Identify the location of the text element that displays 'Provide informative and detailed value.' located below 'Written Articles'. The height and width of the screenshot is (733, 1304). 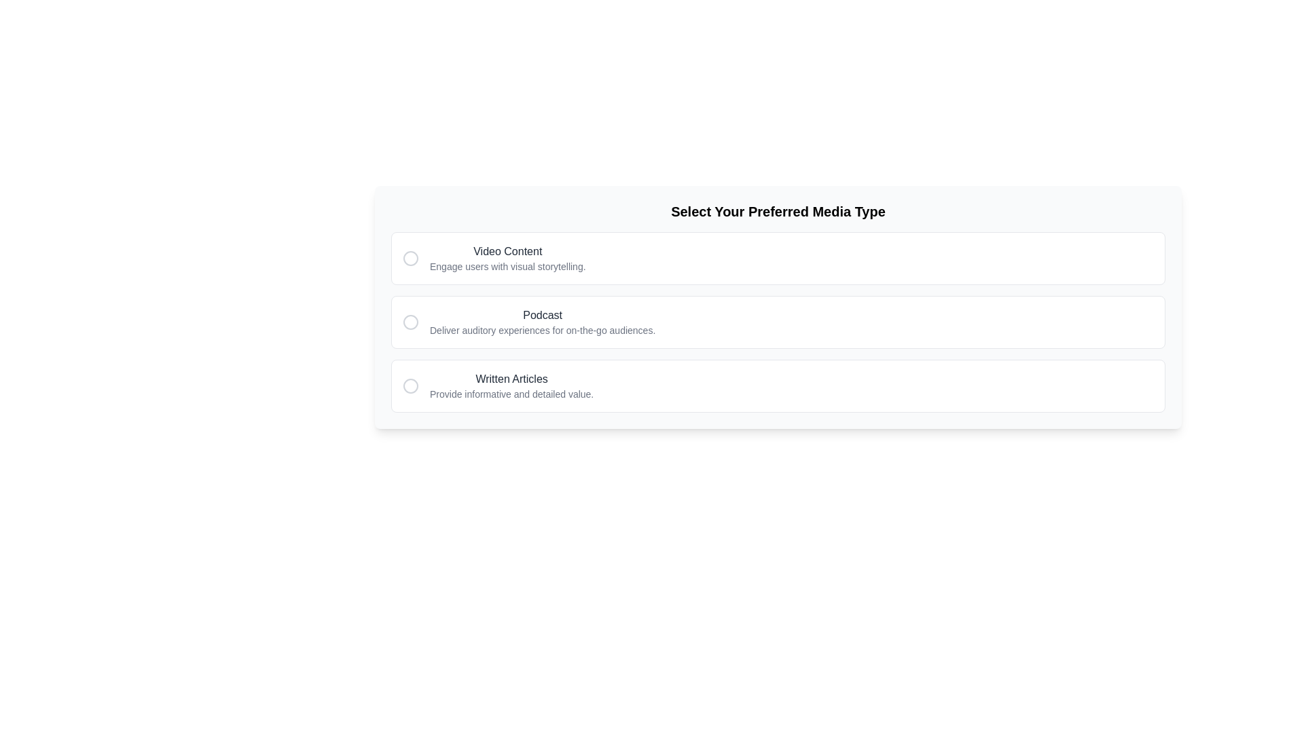
(511, 394).